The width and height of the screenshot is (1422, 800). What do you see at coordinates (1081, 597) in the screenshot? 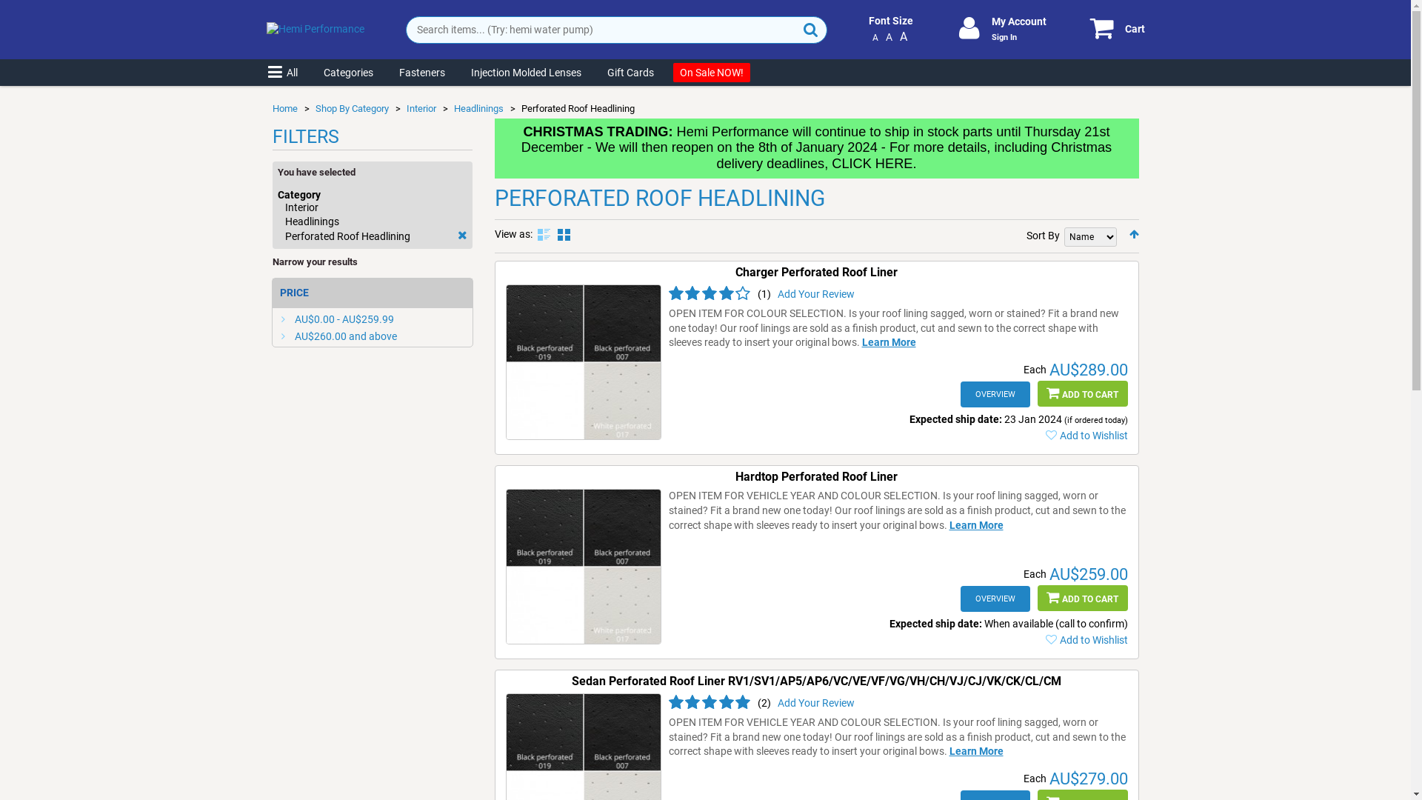
I see `'ADD TO CART'` at bounding box center [1081, 597].